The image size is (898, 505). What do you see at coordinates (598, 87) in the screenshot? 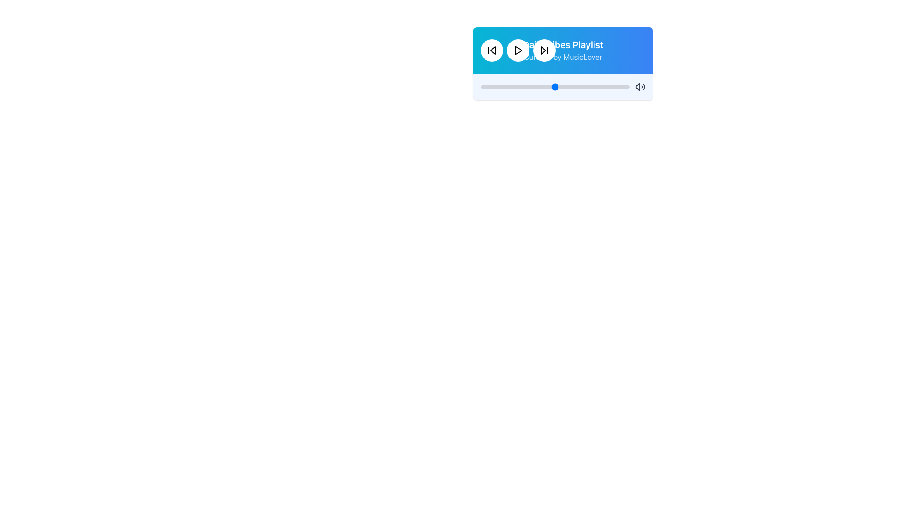
I see `slider value` at bounding box center [598, 87].